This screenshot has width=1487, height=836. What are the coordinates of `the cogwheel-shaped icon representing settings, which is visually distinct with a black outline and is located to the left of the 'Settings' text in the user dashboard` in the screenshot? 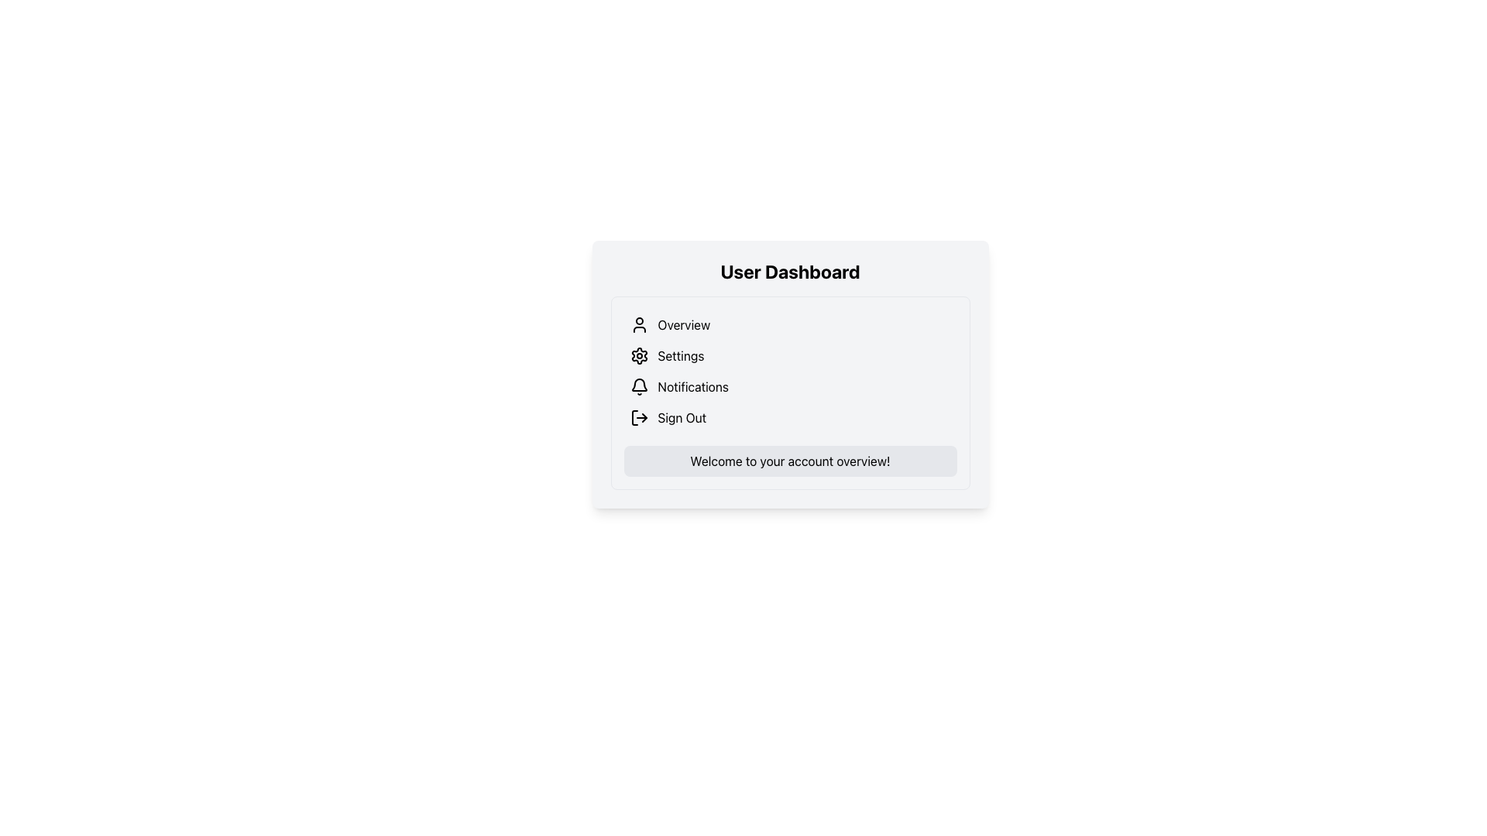 It's located at (639, 355).